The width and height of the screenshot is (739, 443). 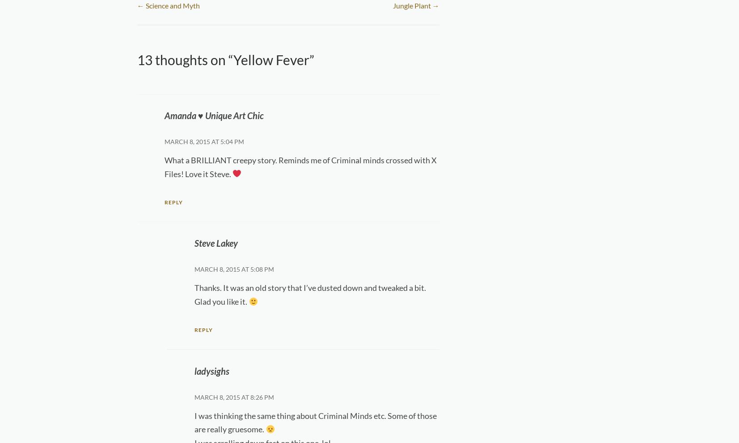 What do you see at coordinates (300, 166) in the screenshot?
I see `'What a BRILLIANT creepy story. Reminds me of Criminal minds crossed with X Files! Love it Steve.'` at bounding box center [300, 166].